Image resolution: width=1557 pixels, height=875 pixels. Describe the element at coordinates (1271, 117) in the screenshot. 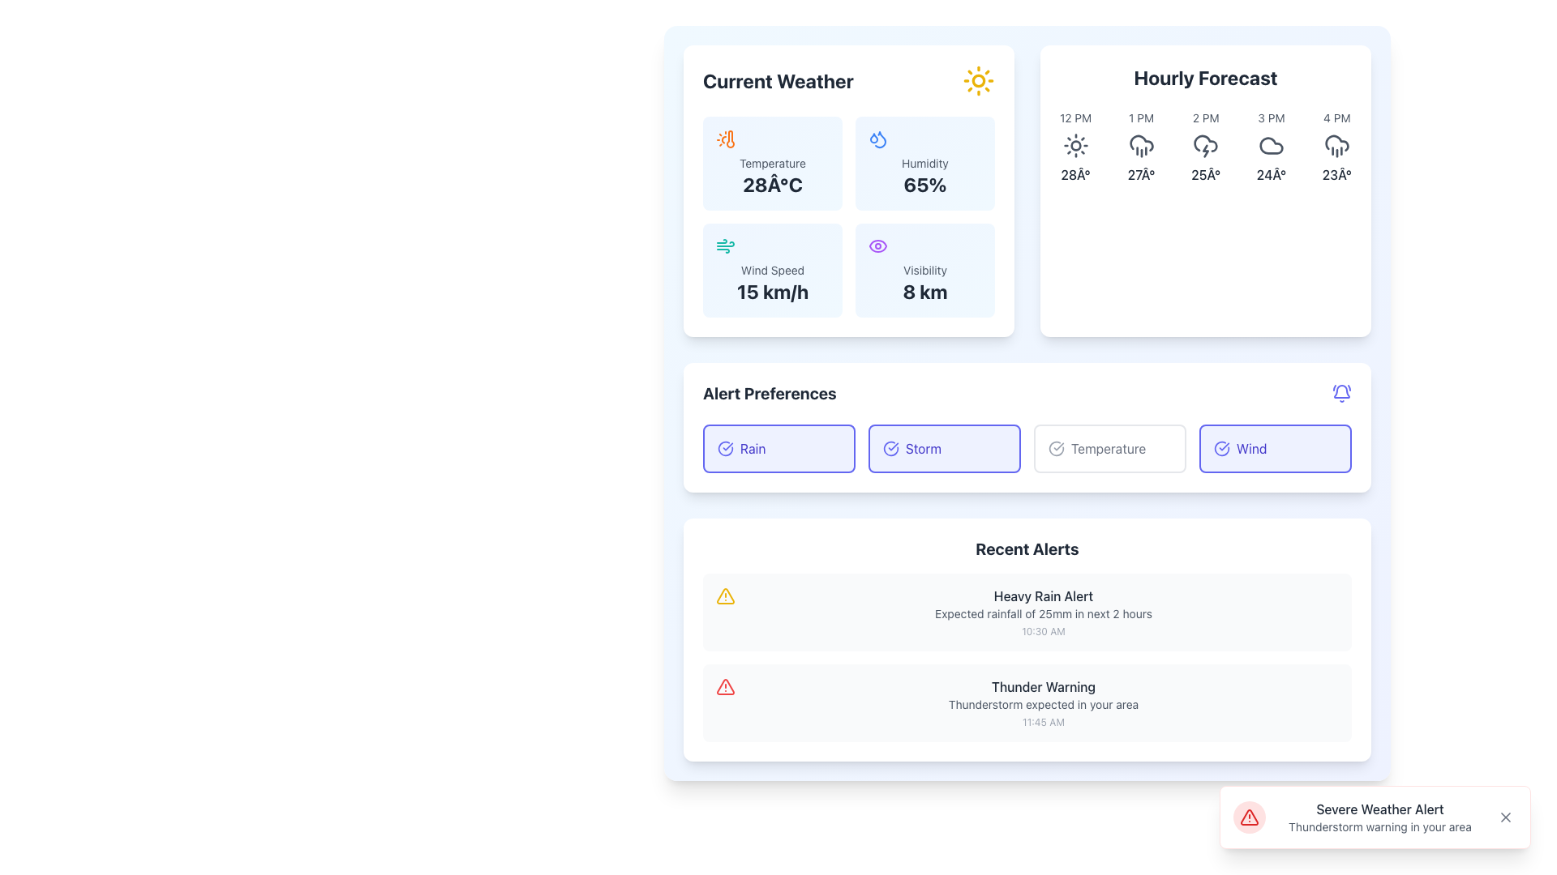

I see `text label displaying '3 PM' in gray color, positioned in the hourly forecast section above the weather icon for the 3 PM forecast` at that location.